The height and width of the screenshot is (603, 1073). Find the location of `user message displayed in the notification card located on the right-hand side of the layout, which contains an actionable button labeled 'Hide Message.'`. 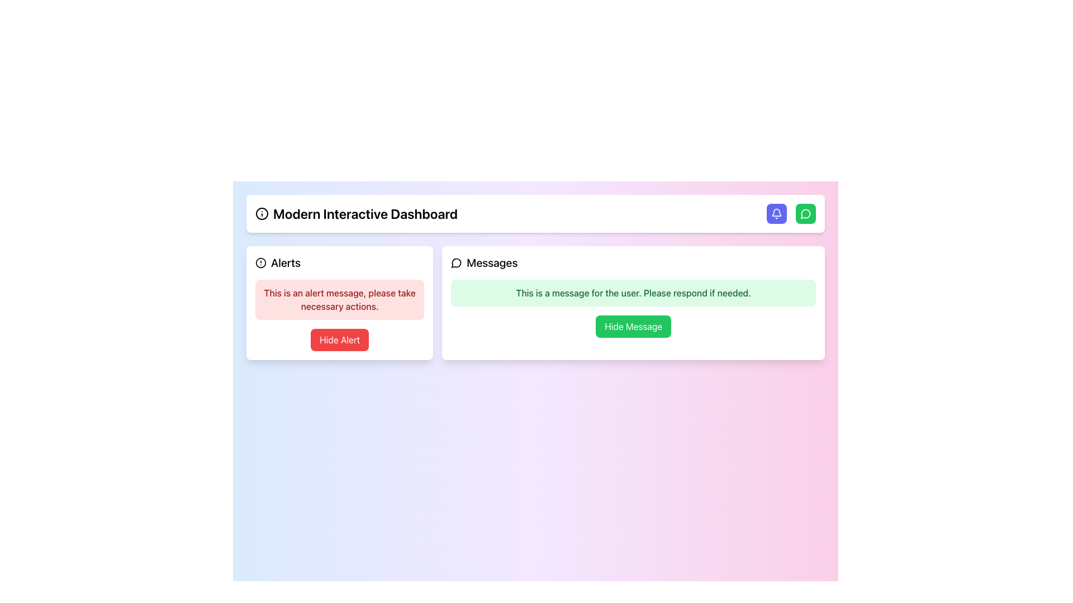

user message displayed in the notification card located on the right-hand side of the layout, which contains an actionable button labeled 'Hide Message.' is located at coordinates (633, 303).